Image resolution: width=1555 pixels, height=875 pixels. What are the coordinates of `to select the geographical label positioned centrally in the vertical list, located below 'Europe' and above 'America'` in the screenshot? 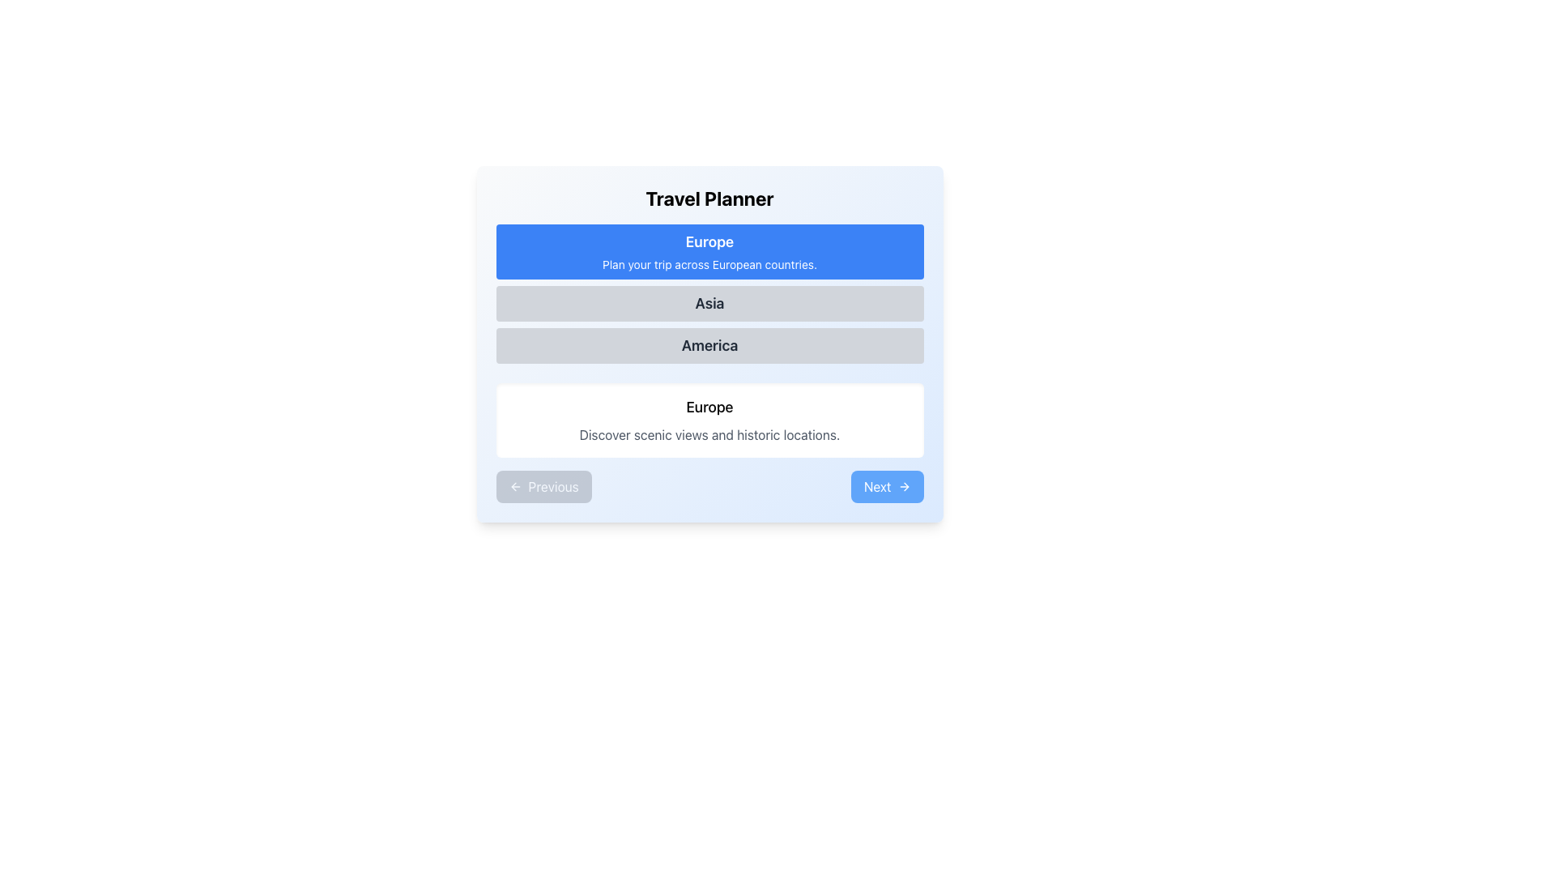 It's located at (709, 303).